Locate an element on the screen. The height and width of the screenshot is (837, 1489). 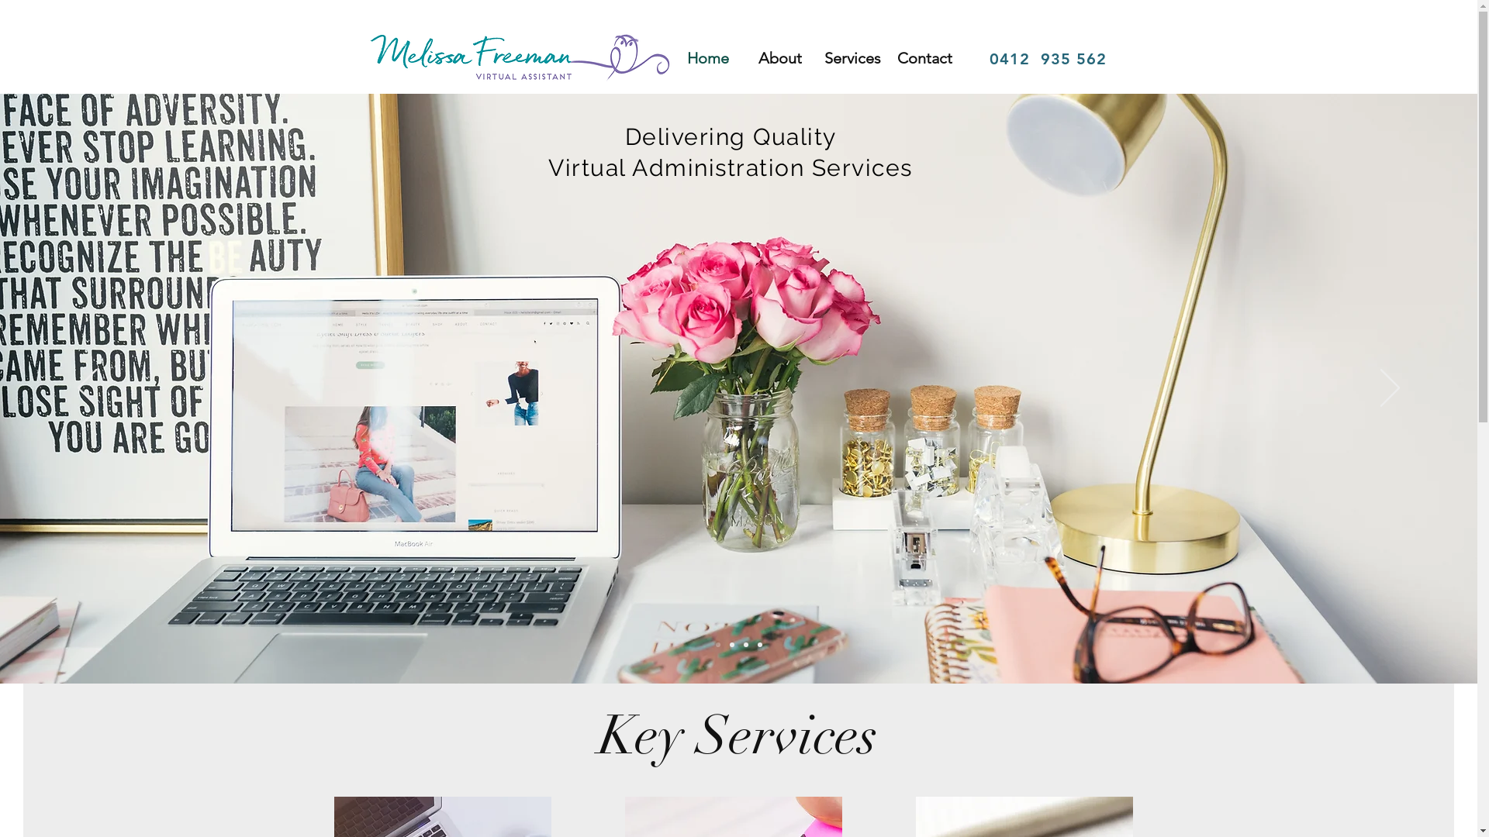
'Contact' is located at coordinates (924, 57).